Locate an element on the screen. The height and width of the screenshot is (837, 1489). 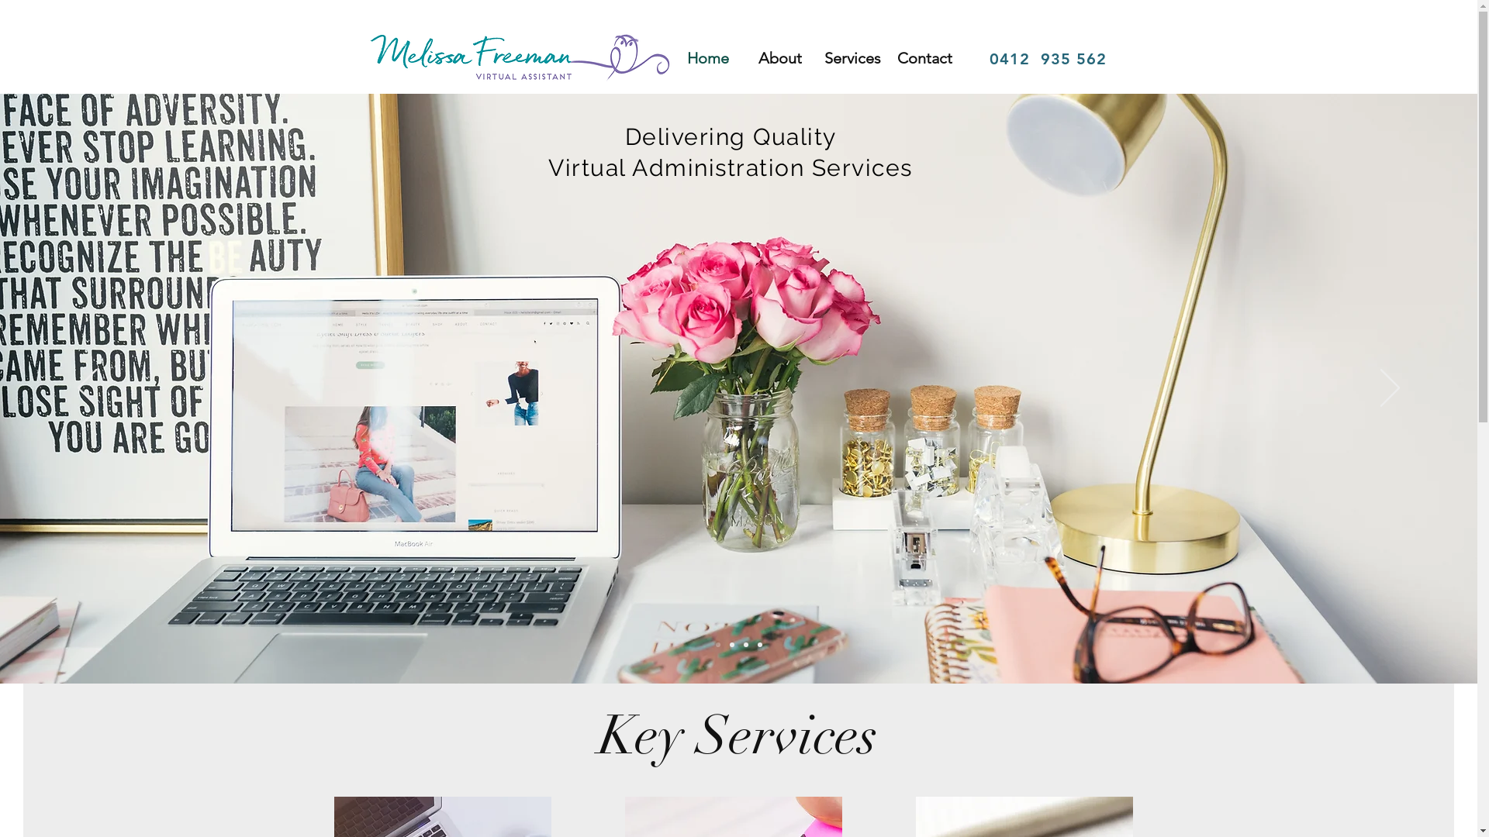
'Contact' is located at coordinates (924, 57).